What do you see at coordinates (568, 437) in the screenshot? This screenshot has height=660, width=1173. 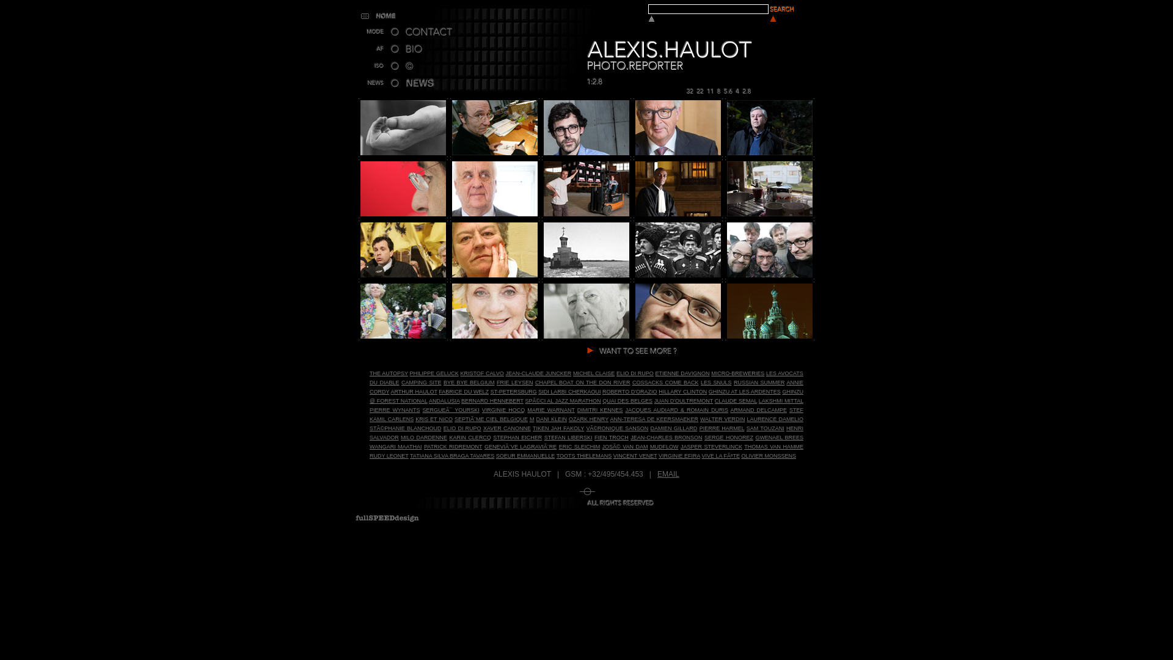 I see `'STEFAN LIBERSKI'` at bounding box center [568, 437].